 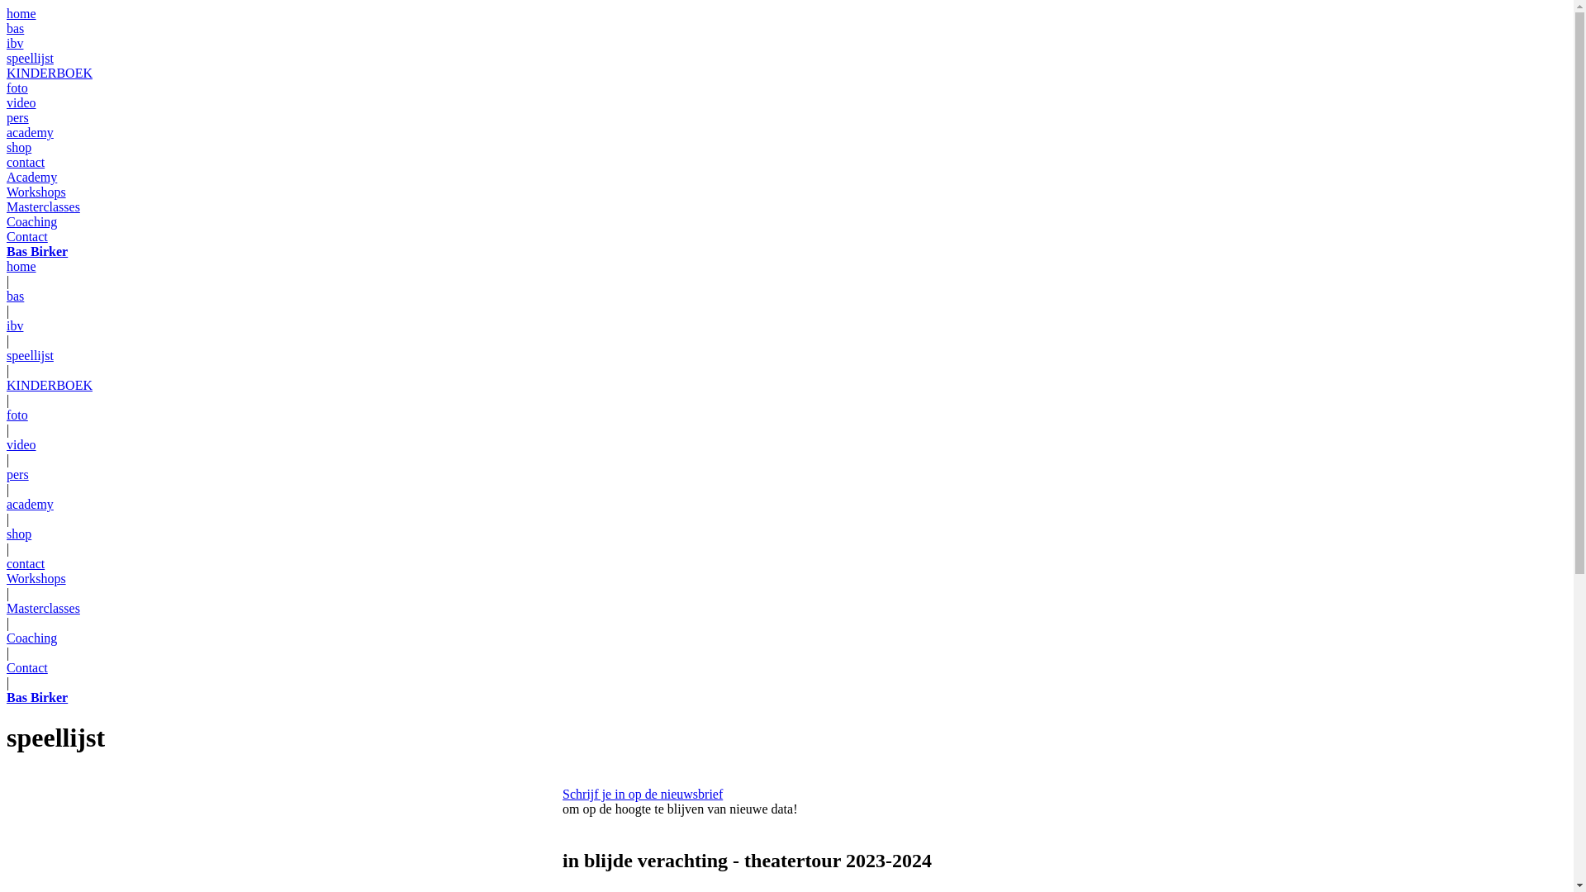 What do you see at coordinates (30, 354) in the screenshot?
I see `'speellijst'` at bounding box center [30, 354].